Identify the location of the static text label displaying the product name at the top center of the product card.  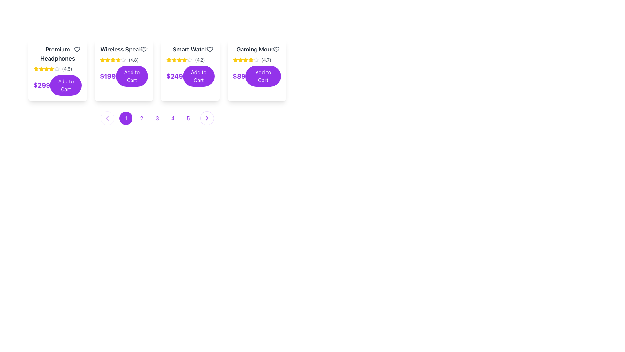
(256, 49).